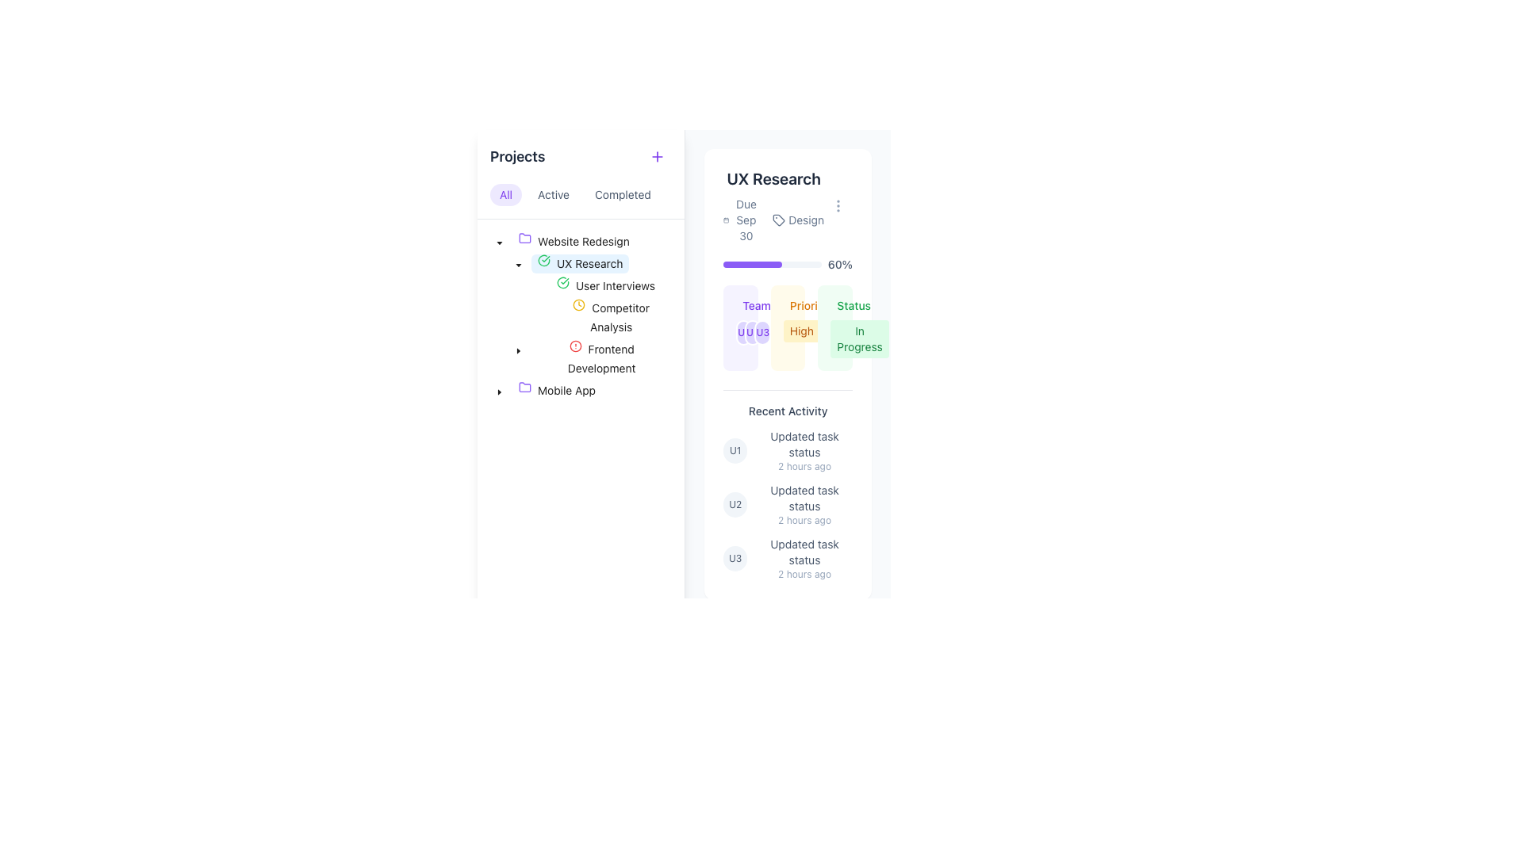 This screenshot has width=1523, height=856. I want to click on the 'task status update' text label in the Recent Activity section of the UX Research panel, which is the first item in the list above the timestamp '2 hours ago', so click(804, 444).